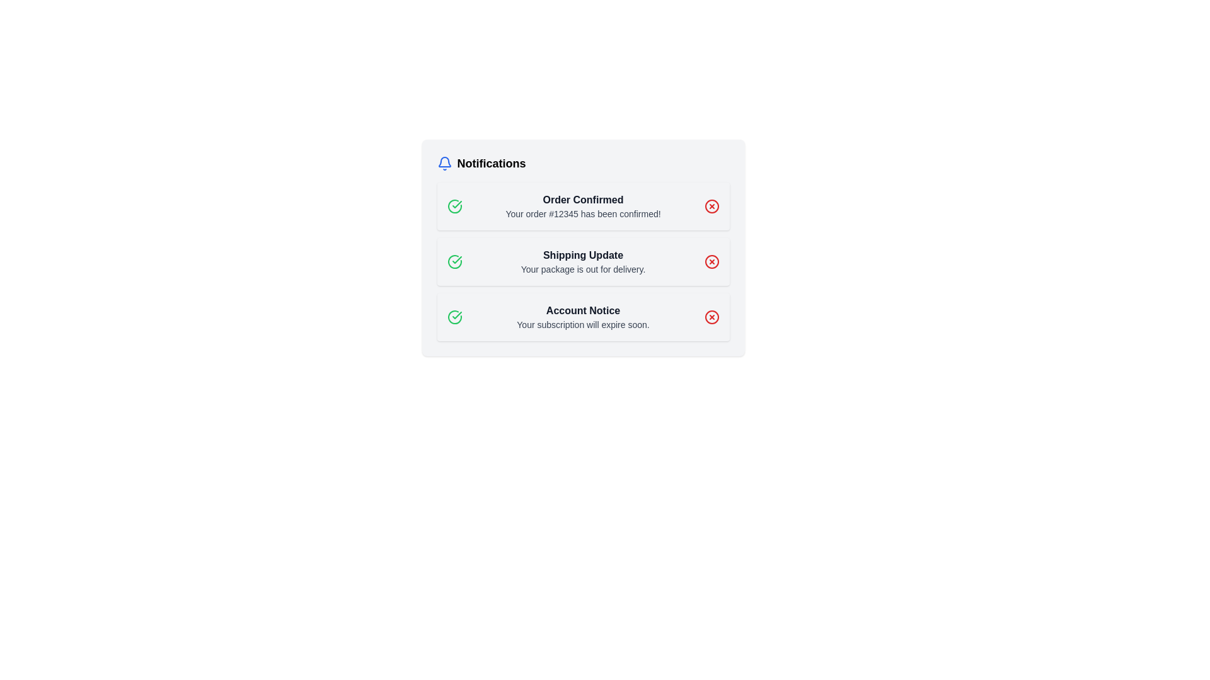 The image size is (1210, 680). Describe the element at coordinates (712, 261) in the screenshot. I see `the dismissal button for the 'Shipping Update' notification` at that location.